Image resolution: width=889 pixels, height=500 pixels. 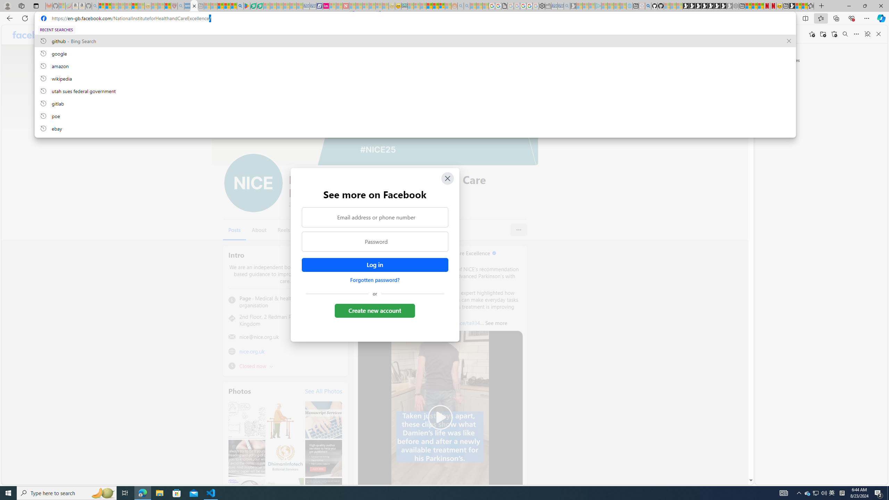 What do you see at coordinates (375, 265) in the screenshot?
I see `'Accessible login button'` at bounding box center [375, 265].